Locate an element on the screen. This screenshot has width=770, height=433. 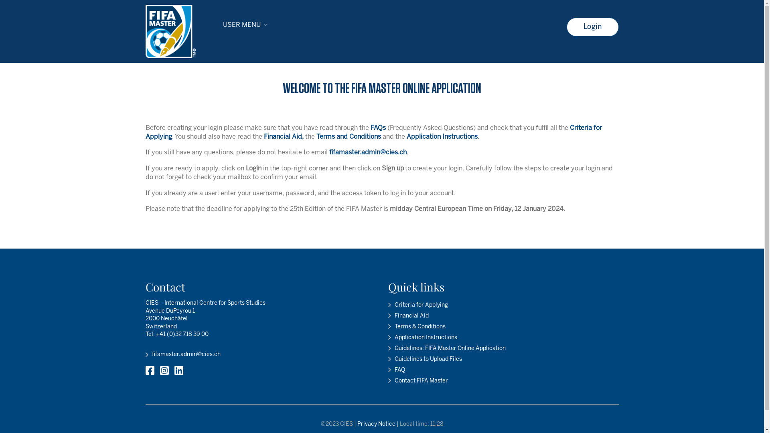
'fifamaster.admin@cies.ch' is located at coordinates (182, 355).